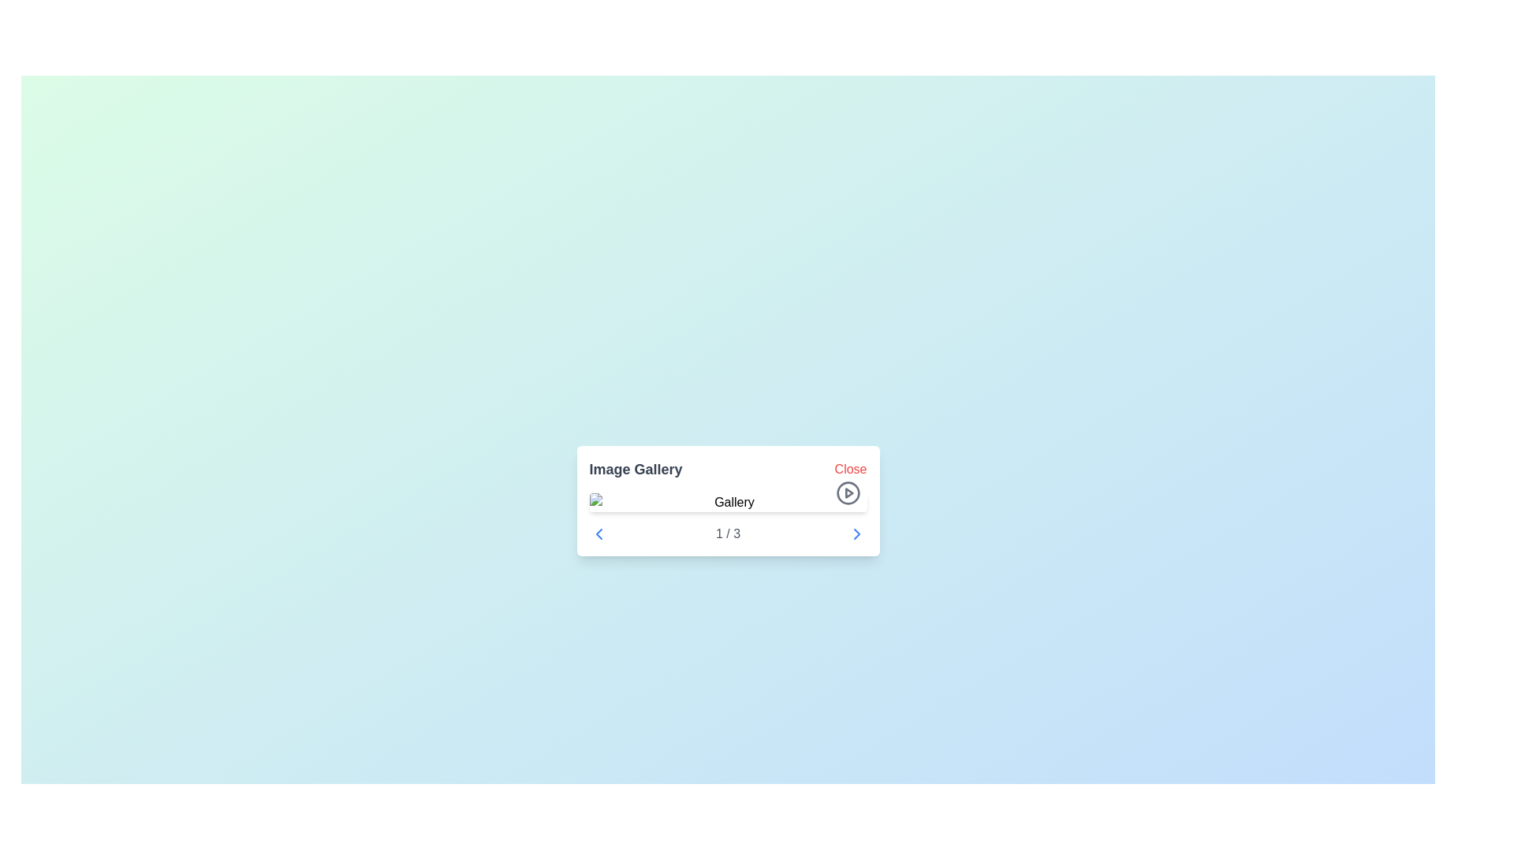  What do you see at coordinates (636, 469) in the screenshot?
I see `the 'Image Gallery' text label which serves as a title for the content below` at bounding box center [636, 469].